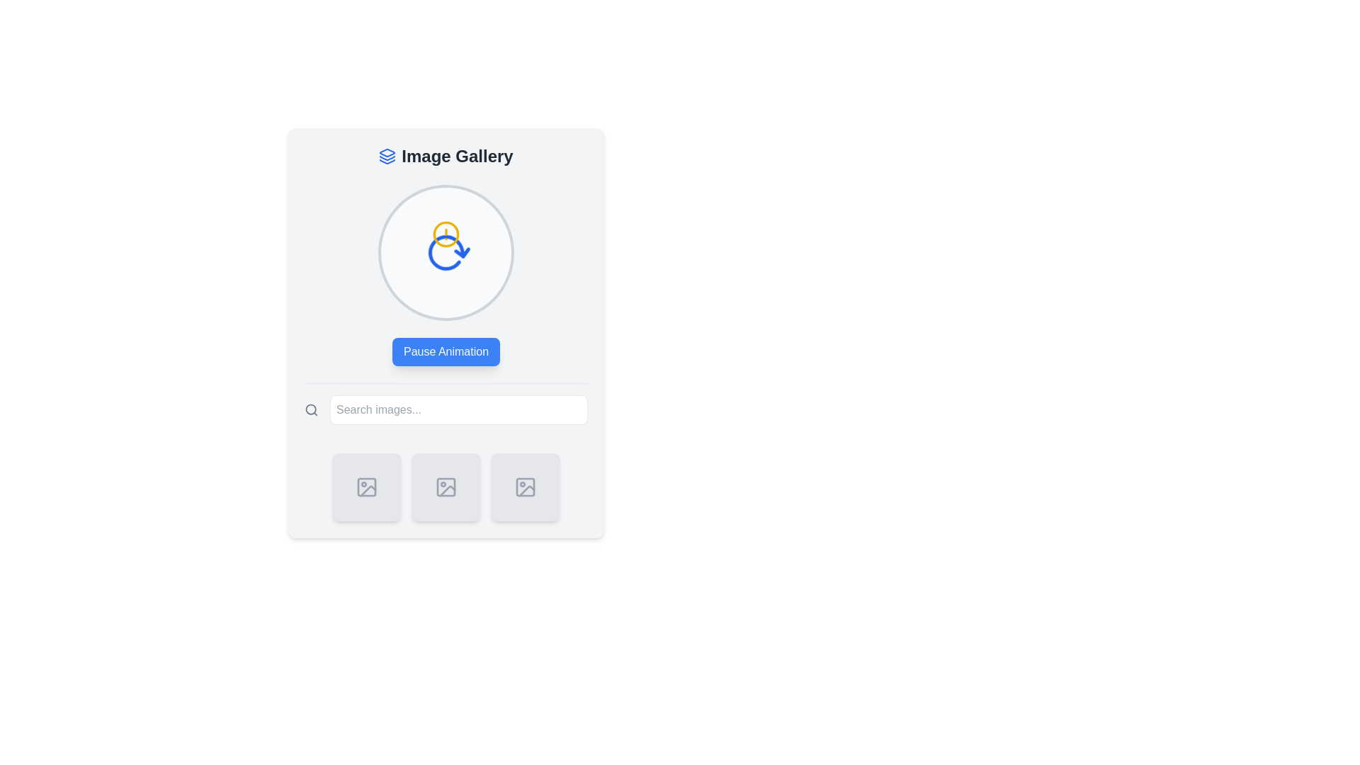 Image resolution: width=1360 pixels, height=765 pixels. What do you see at coordinates (310, 409) in the screenshot?
I see `the small circular icon that is part of the search icon in the top-left corner of the search input box` at bounding box center [310, 409].